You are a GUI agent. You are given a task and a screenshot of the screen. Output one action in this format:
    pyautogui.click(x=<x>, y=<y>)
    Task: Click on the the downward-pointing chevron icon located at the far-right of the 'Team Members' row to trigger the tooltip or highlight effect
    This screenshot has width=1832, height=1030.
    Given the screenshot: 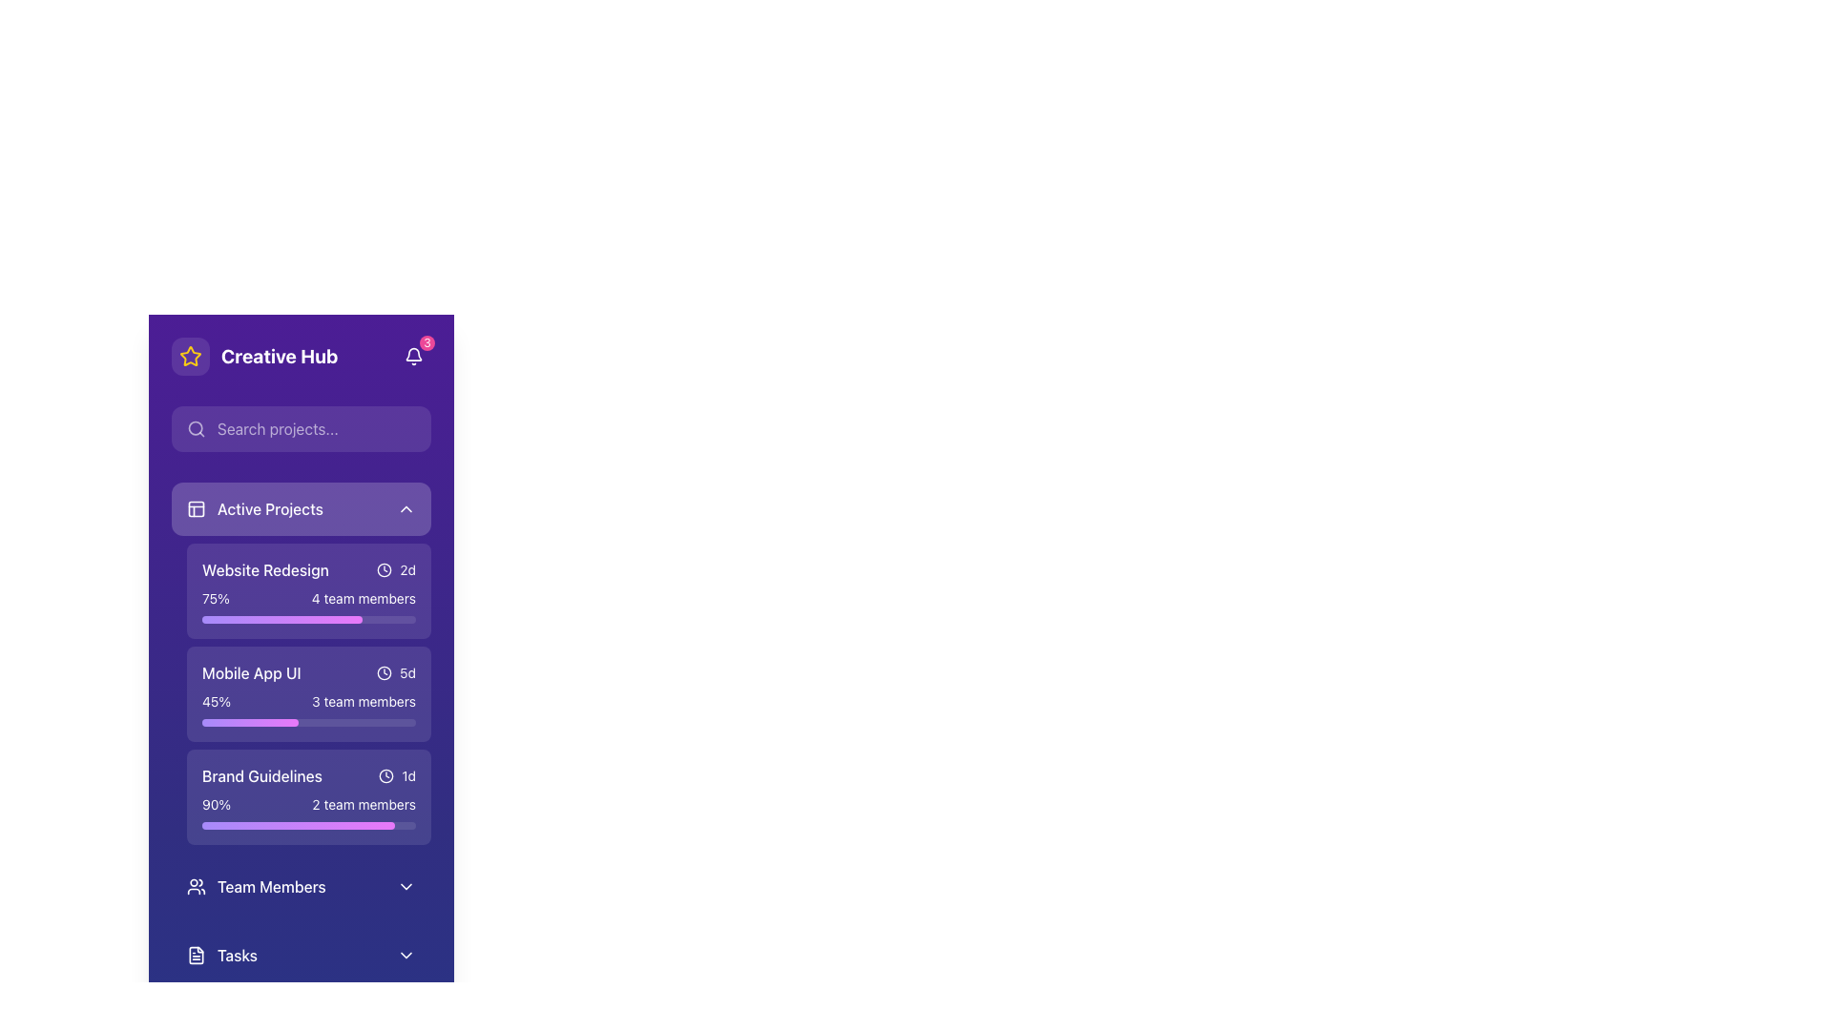 What is the action you would take?
    pyautogui.click(x=406, y=886)
    